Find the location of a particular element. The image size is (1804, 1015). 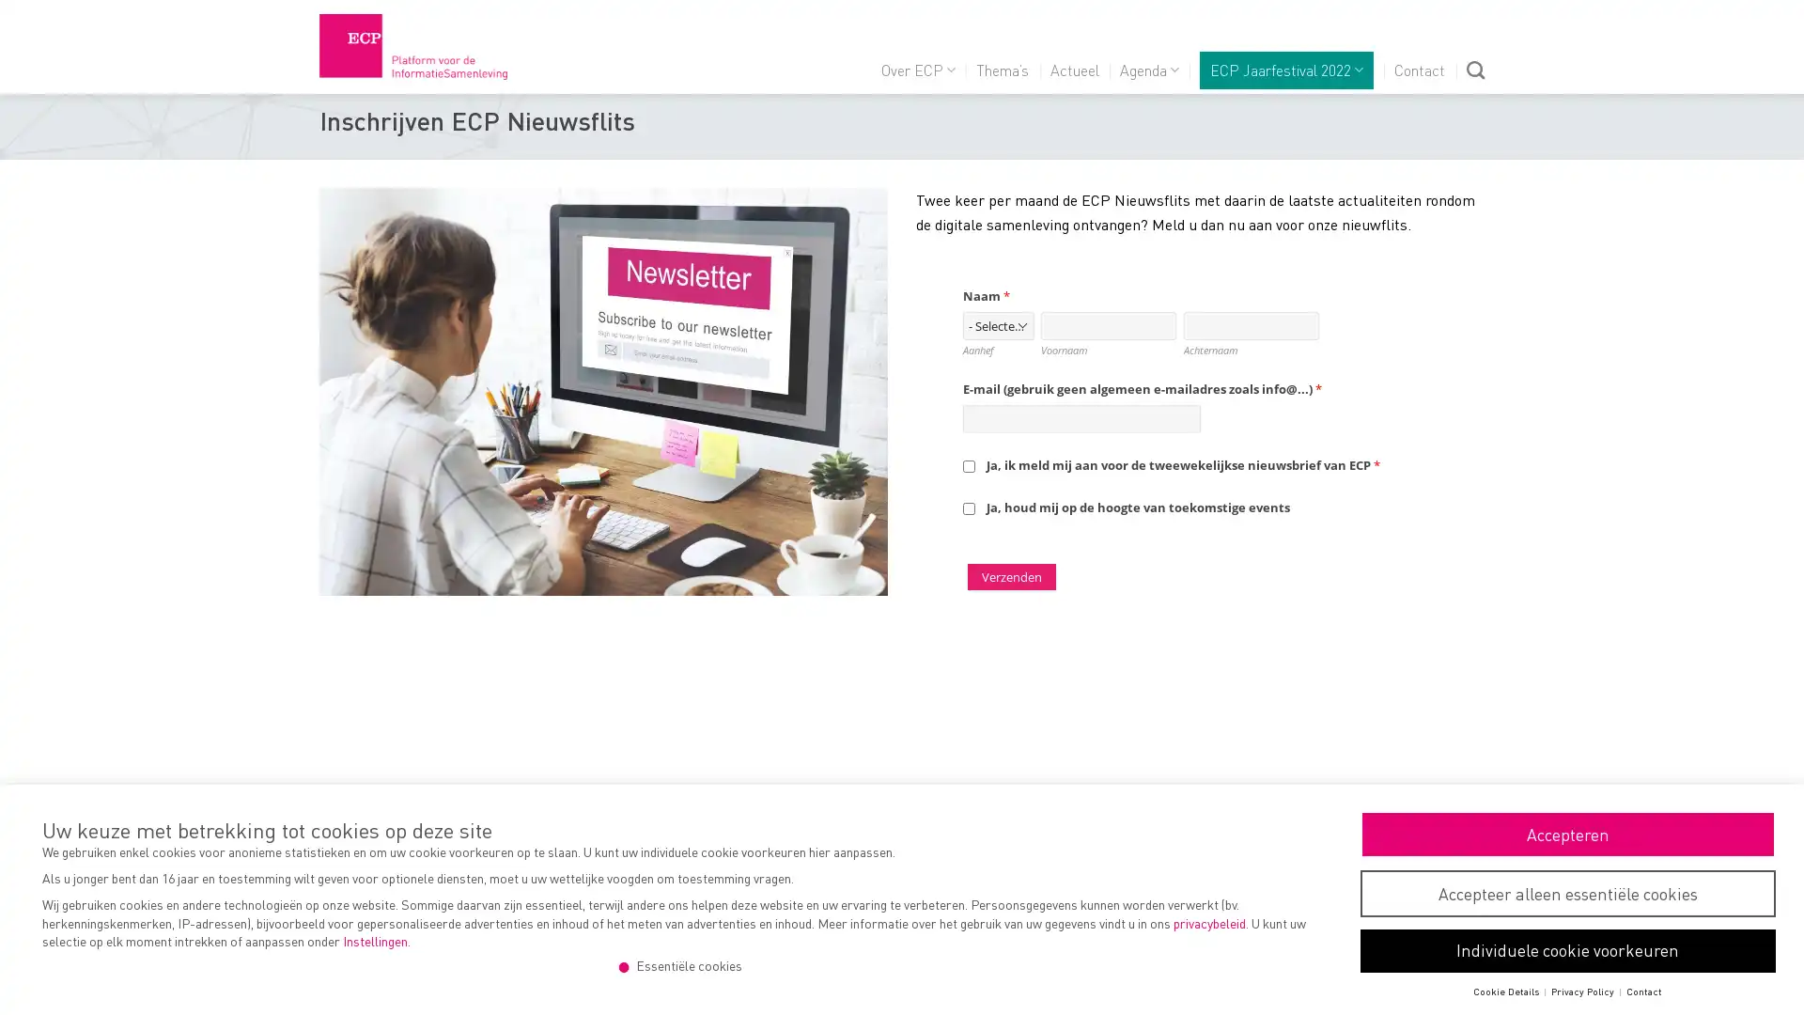

Accepteer alleen essentiele cookies is located at coordinates (1567, 893).